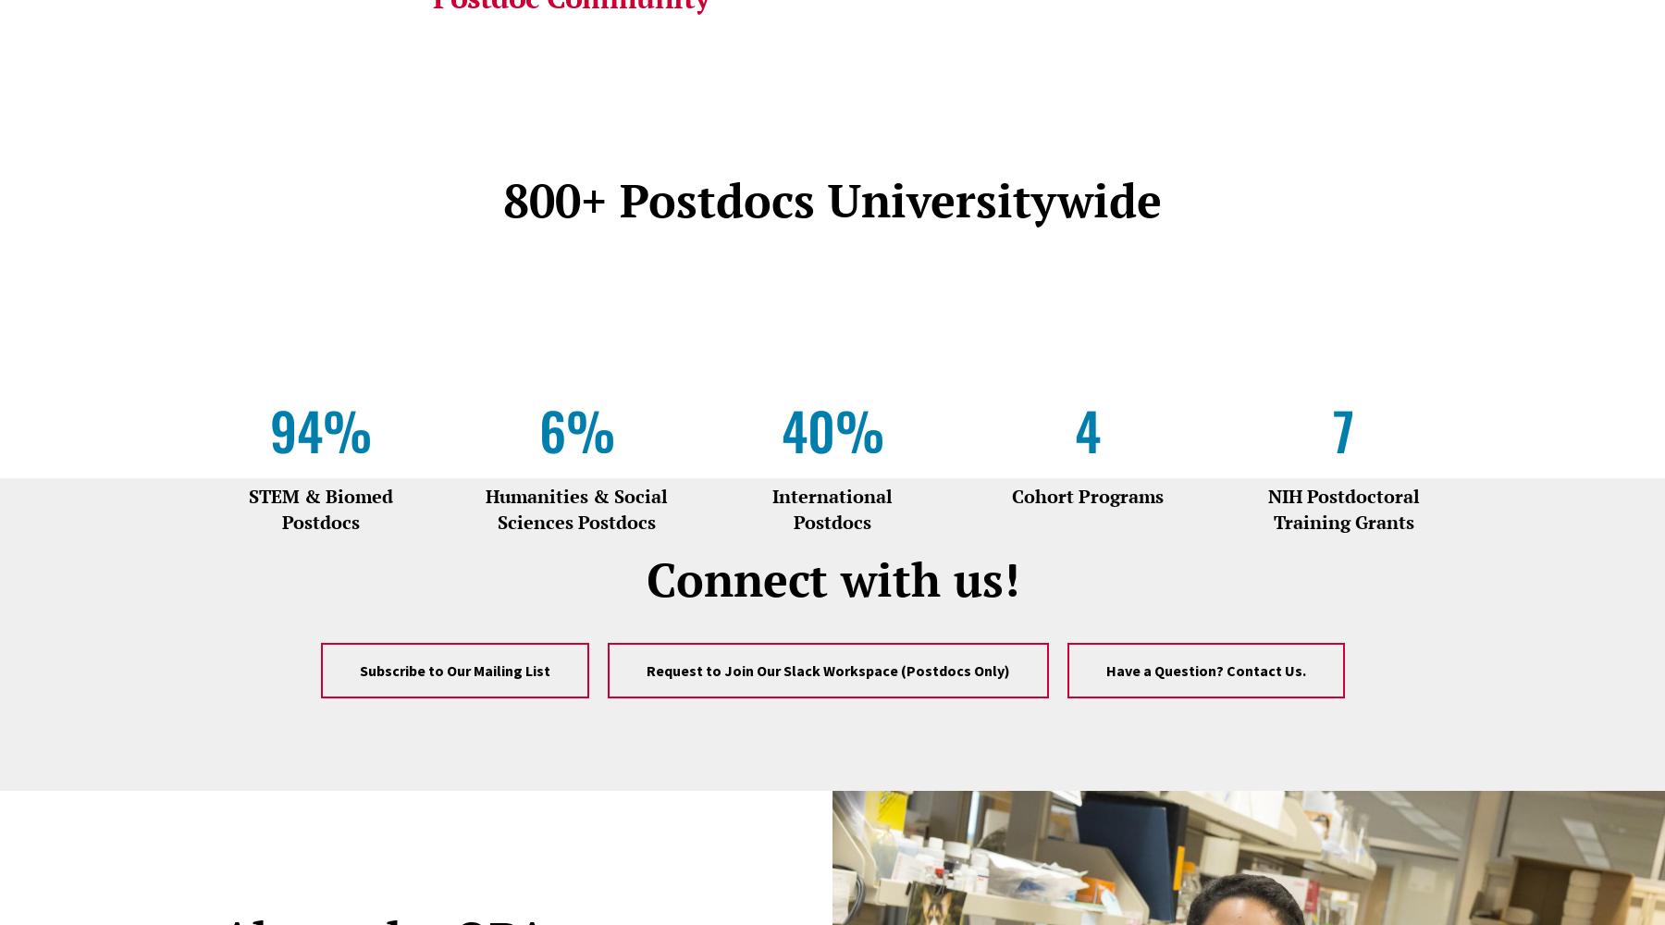 Image resolution: width=1665 pixels, height=925 pixels. I want to click on '800+ Postdocs Universitywide', so click(832, 199).